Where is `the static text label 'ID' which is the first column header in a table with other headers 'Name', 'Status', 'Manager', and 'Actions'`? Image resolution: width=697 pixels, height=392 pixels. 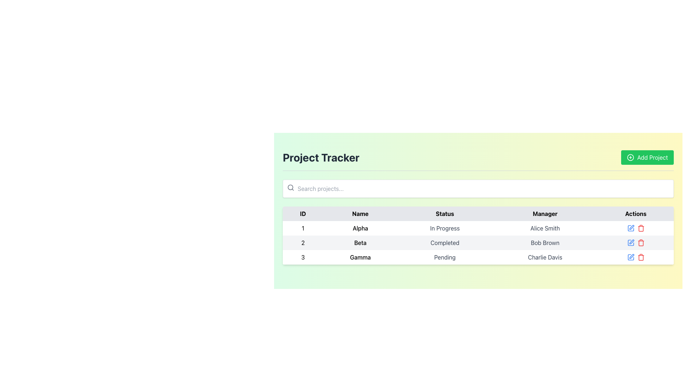
the static text label 'ID' which is the first column header in a table with other headers 'Name', 'Status', 'Manager', and 'Actions' is located at coordinates (303, 213).